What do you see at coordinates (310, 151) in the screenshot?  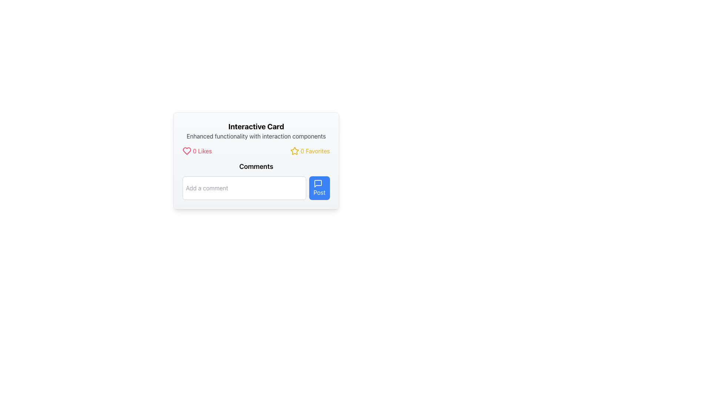 I see `the Interactive counter with the yellow star icon and '0 Favorites' text` at bounding box center [310, 151].